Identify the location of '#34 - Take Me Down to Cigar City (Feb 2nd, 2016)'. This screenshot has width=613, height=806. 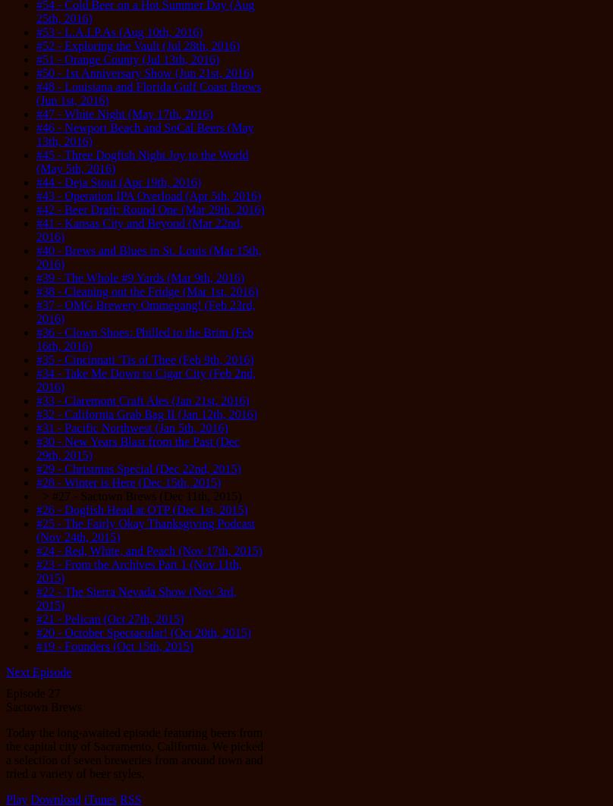
(36, 380).